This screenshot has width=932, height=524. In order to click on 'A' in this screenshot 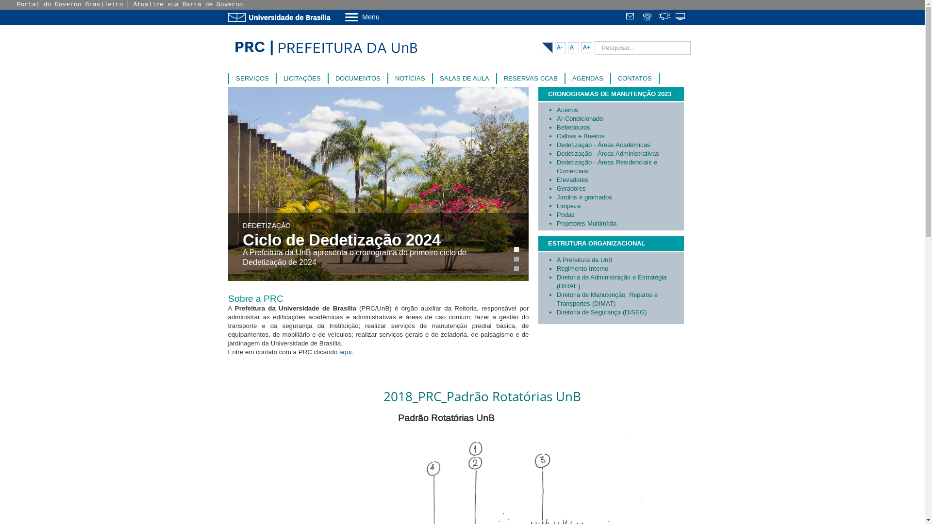, I will do `click(573, 48)`.